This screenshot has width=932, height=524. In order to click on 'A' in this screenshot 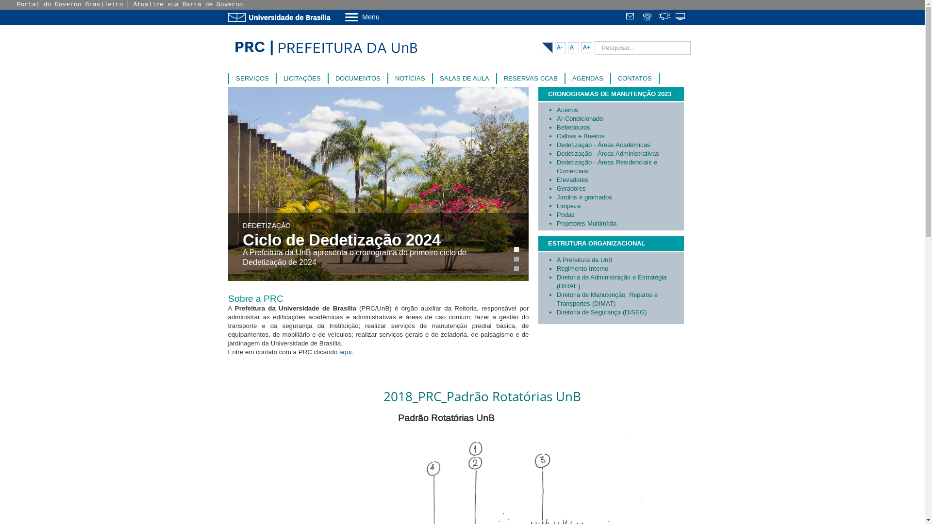, I will do `click(573, 48)`.